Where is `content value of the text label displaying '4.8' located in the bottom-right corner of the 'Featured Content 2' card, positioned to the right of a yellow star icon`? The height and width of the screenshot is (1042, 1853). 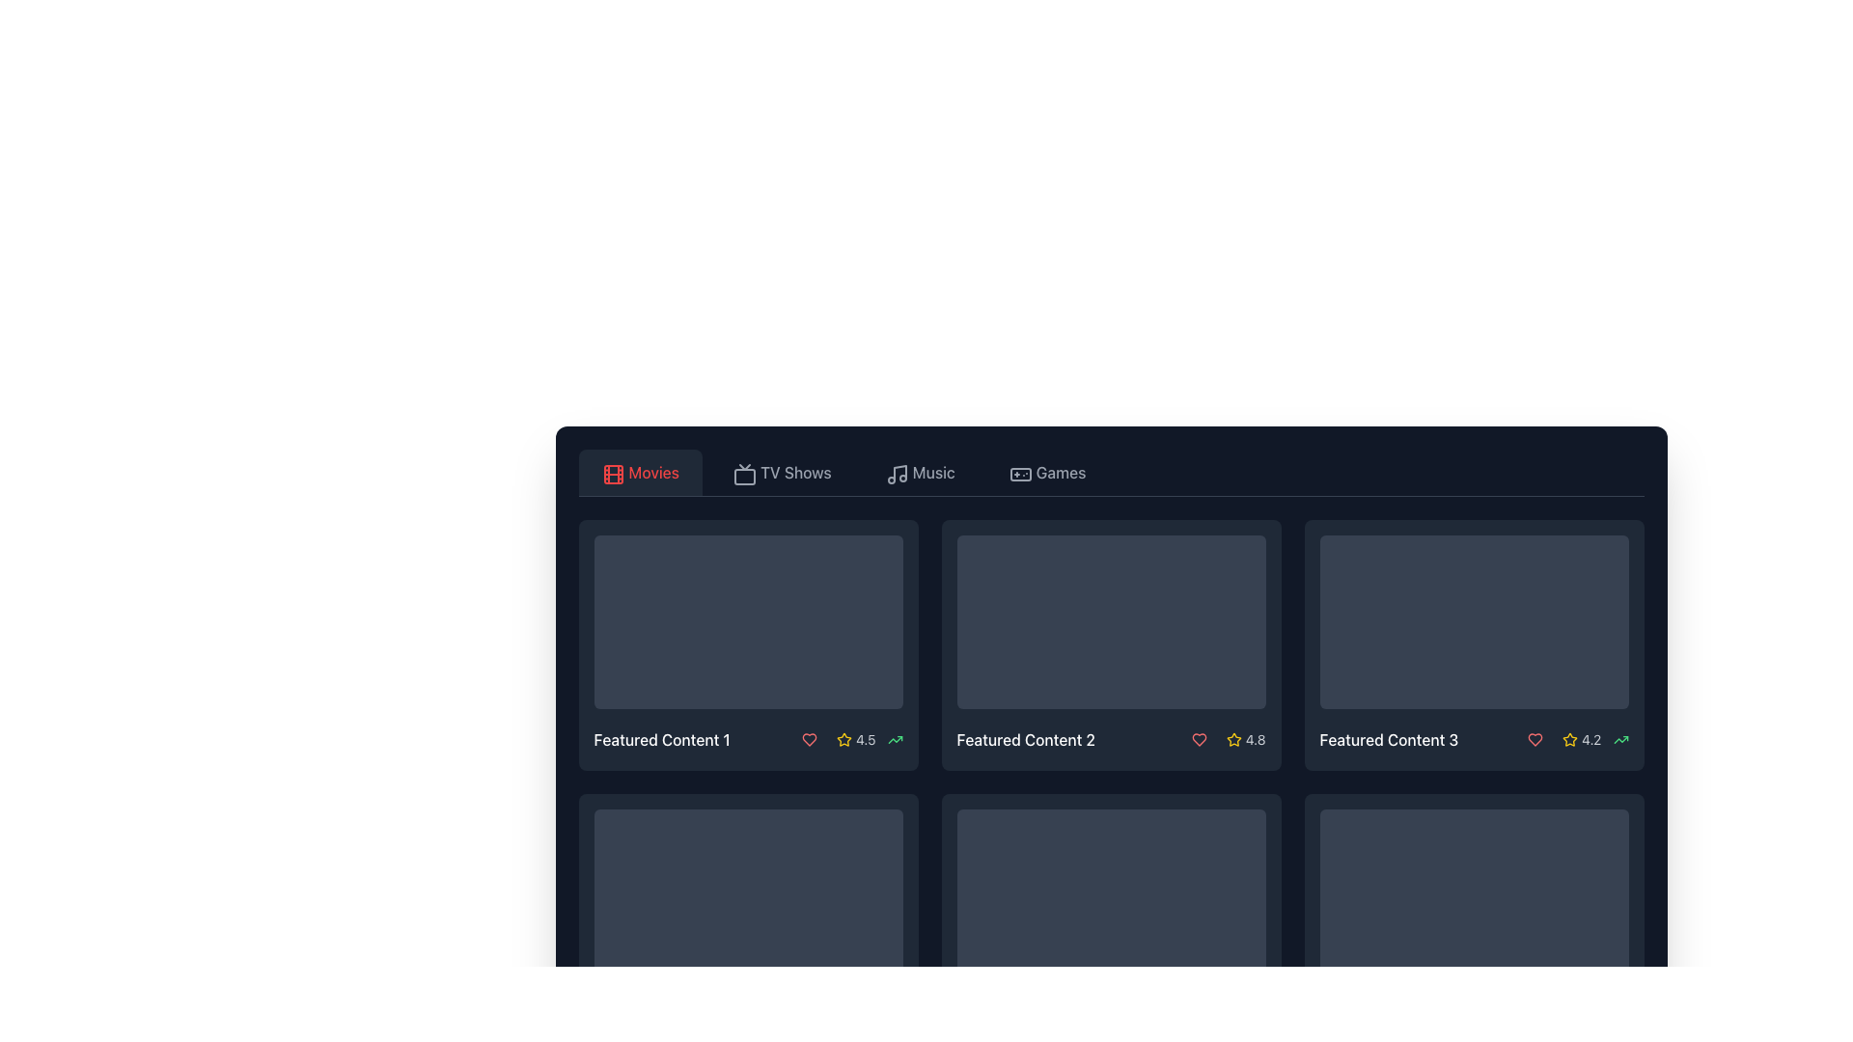
content value of the text label displaying '4.8' located in the bottom-right corner of the 'Featured Content 2' card, positioned to the right of a yellow star icon is located at coordinates (1256, 739).